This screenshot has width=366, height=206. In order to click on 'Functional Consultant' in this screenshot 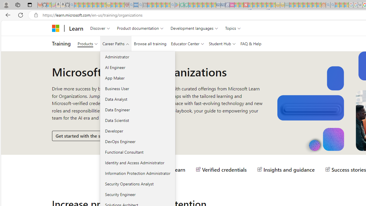, I will do `click(138, 152)`.